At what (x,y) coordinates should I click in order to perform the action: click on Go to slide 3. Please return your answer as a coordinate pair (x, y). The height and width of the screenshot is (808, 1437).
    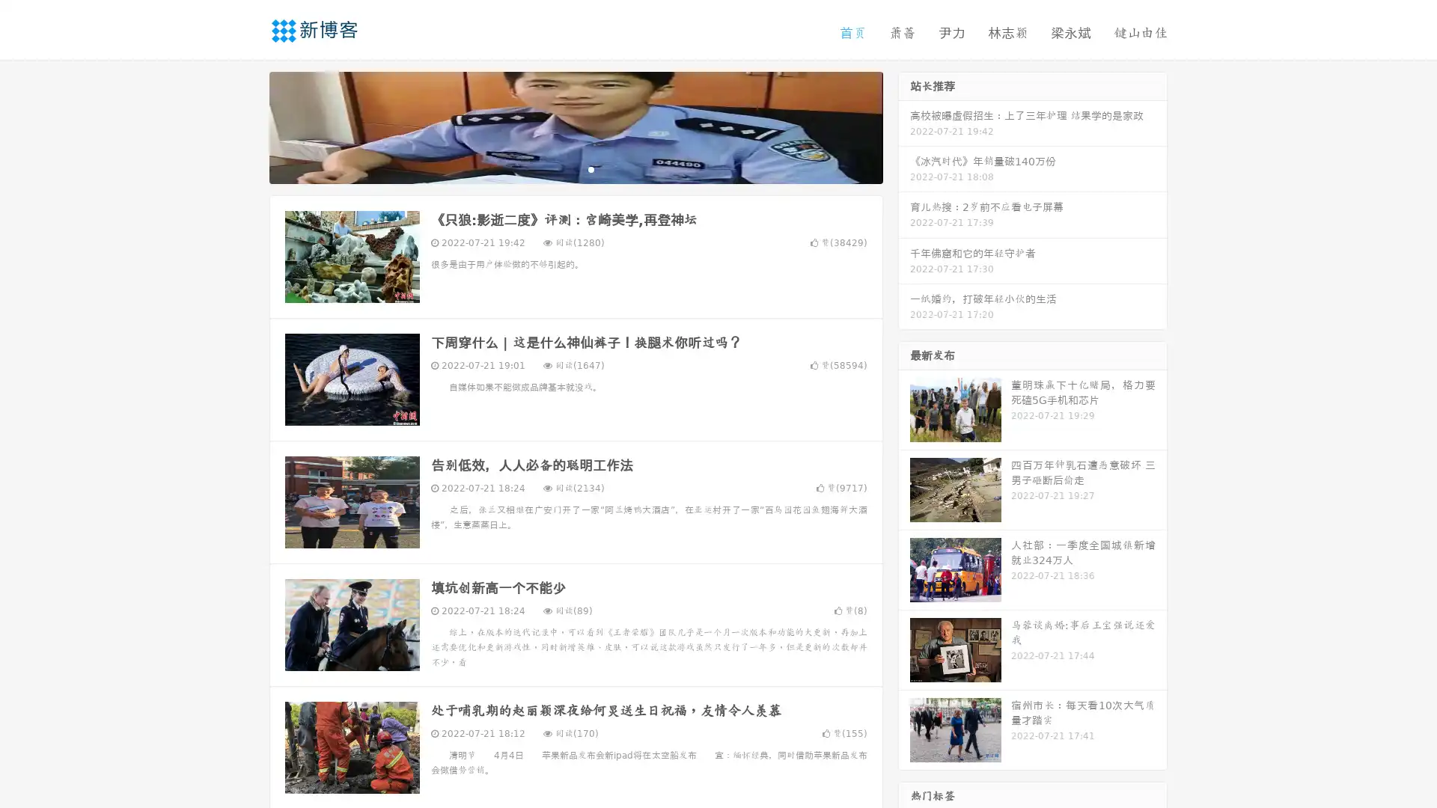
    Looking at the image, I should click on (591, 168).